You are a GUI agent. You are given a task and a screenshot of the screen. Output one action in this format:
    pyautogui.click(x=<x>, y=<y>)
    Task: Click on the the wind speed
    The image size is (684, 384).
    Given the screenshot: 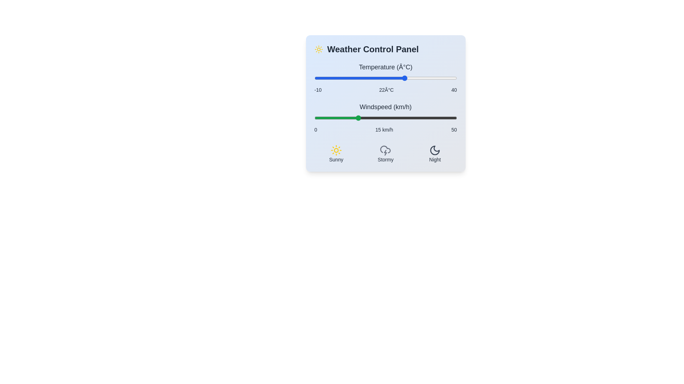 What is the action you would take?
    pyautogui.click(x=420, y=117)
    